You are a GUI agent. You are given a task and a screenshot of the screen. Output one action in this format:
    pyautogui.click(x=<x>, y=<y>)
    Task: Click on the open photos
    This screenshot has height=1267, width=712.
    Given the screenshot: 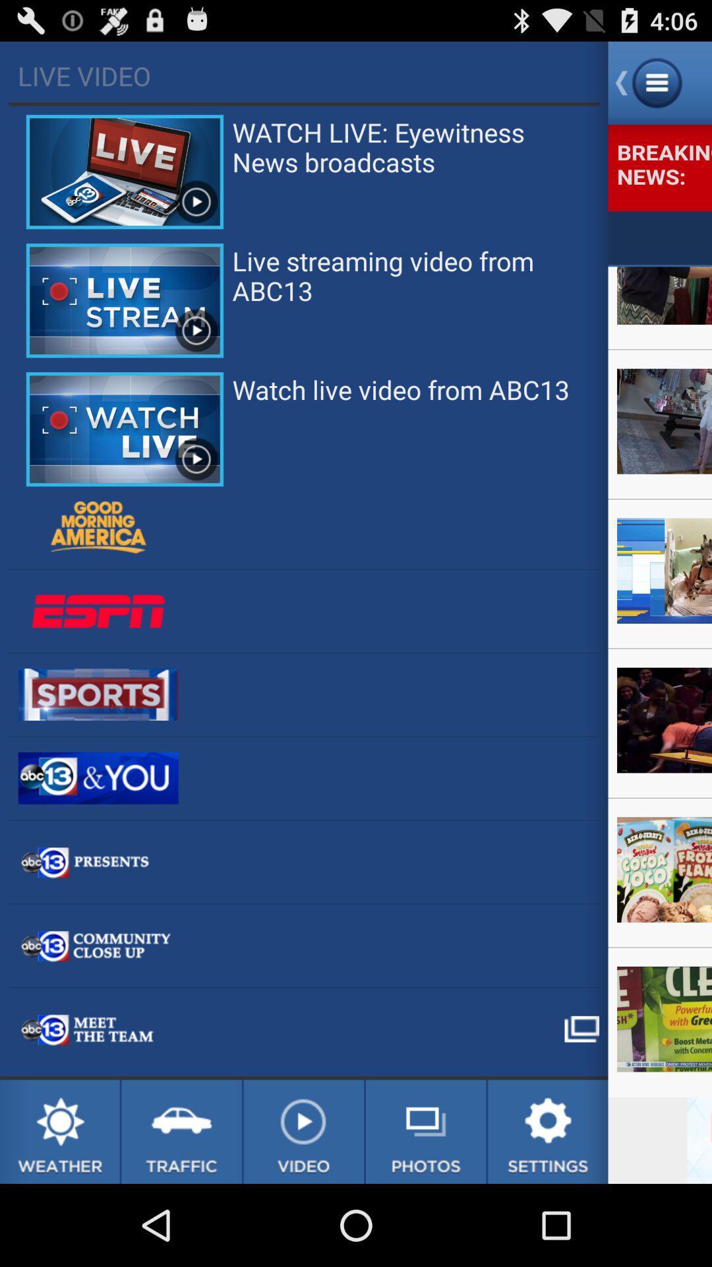 What is the action you would take?
    pyautogui.click(x=426, y=1131)
    